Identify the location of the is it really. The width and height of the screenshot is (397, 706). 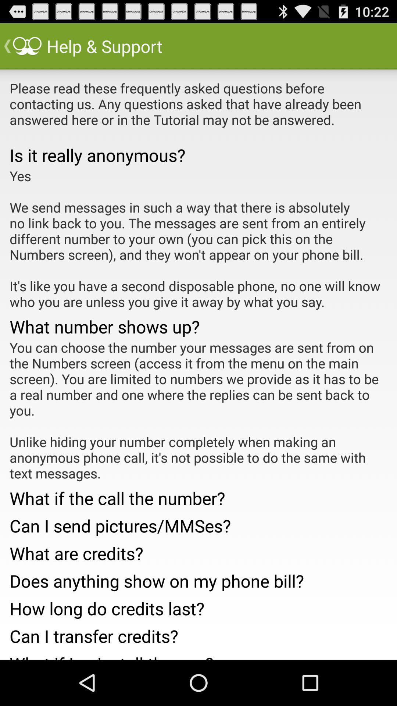
(198, 154).